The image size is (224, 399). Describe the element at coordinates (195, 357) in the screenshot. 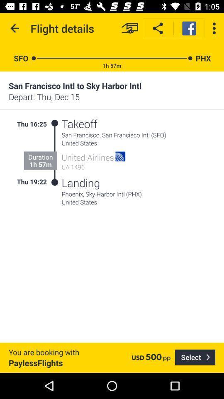

I see `icon below the united states icon` at that location.